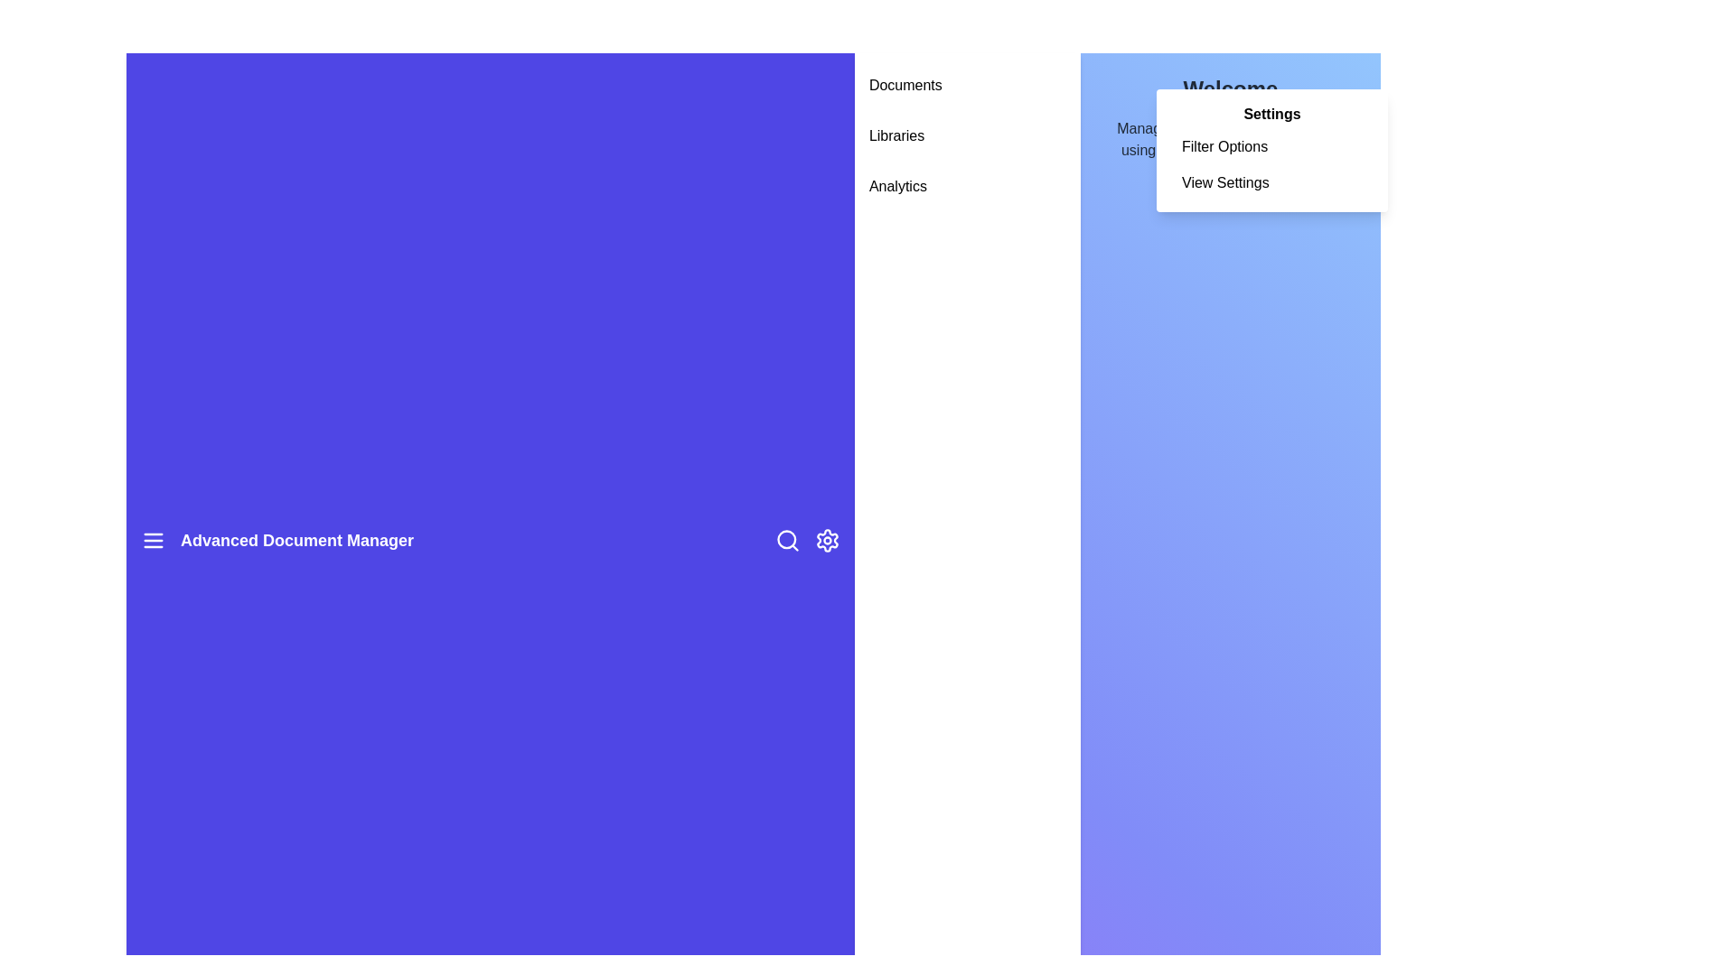 Image resolution: width=1735 pixels, height=975 pixels. I want to click on the View Settings in the settings panel, so click(1271, 183).